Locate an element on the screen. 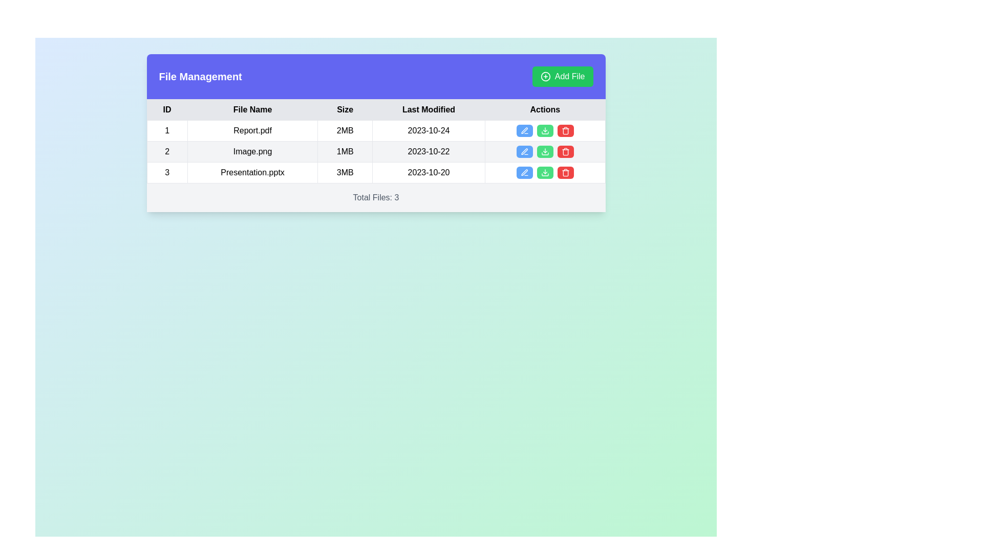 The image size is (983, 552). the text label displaying 'Presentation.pptx' is located at coordinates (252, 172).